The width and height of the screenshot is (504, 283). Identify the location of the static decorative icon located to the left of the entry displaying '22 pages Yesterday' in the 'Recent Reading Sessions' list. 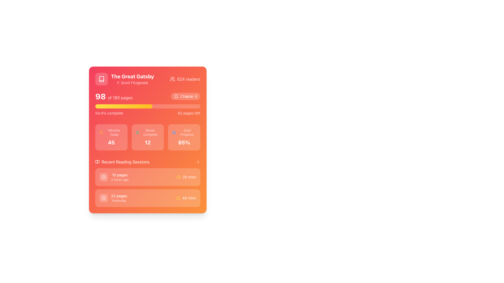
(103, 198).